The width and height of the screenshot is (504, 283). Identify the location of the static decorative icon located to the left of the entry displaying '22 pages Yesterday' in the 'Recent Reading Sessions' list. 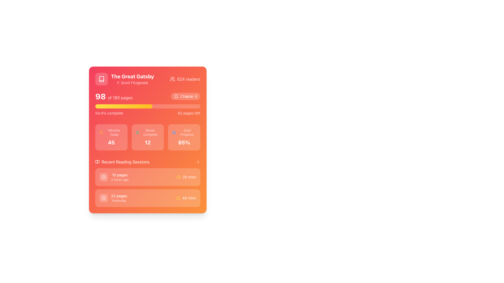
(103, 198).